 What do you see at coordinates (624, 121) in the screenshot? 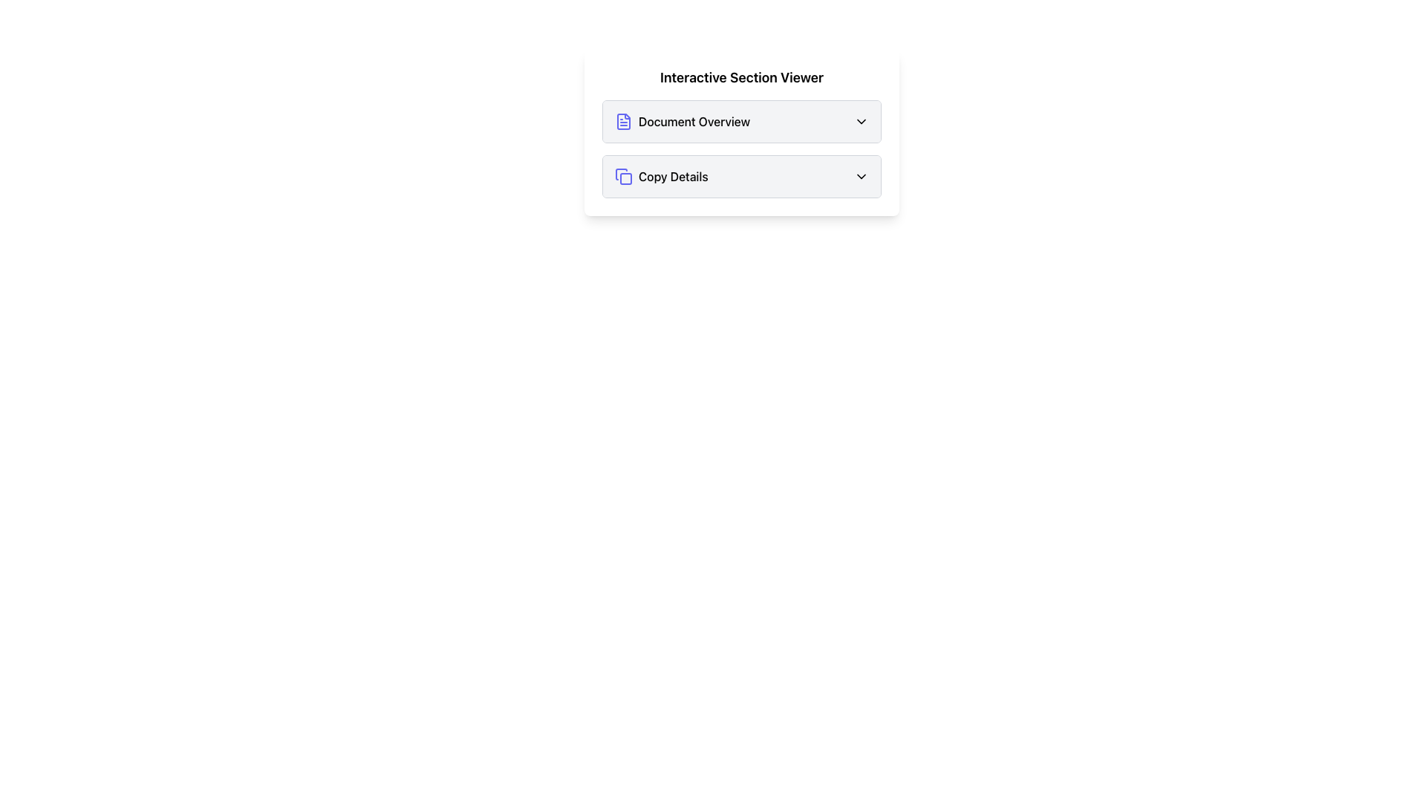
I see `the document icon located to the left of the 'Document Overview' button, which helps in identifying the associated action` at bounding box center [624, 121].